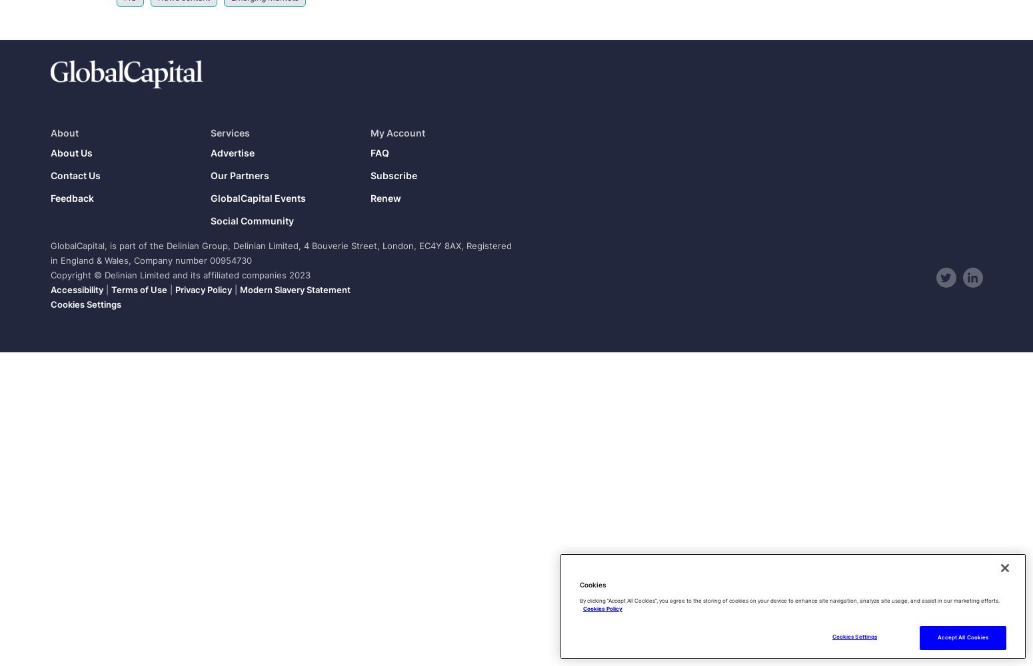  What do you see at coordinates (393, 175) in the screenshot?
I see `'Subscribe'` at bounding box center [393, 175].